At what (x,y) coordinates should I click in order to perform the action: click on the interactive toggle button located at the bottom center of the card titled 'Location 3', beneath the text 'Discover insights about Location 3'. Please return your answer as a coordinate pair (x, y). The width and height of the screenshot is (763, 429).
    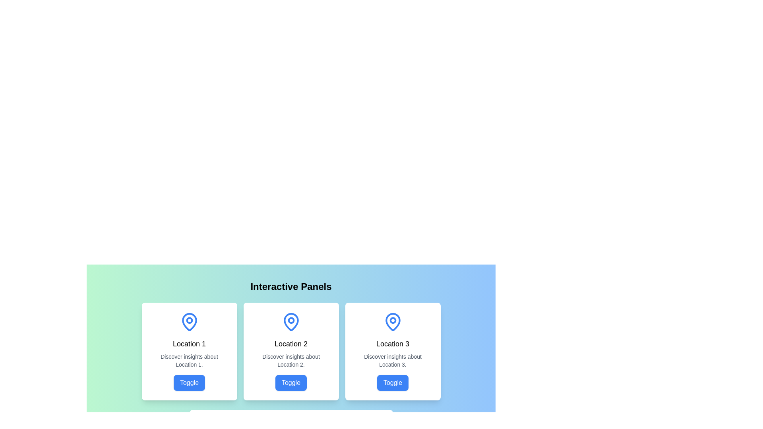
    Looking at the image, I should click on (393, 383).